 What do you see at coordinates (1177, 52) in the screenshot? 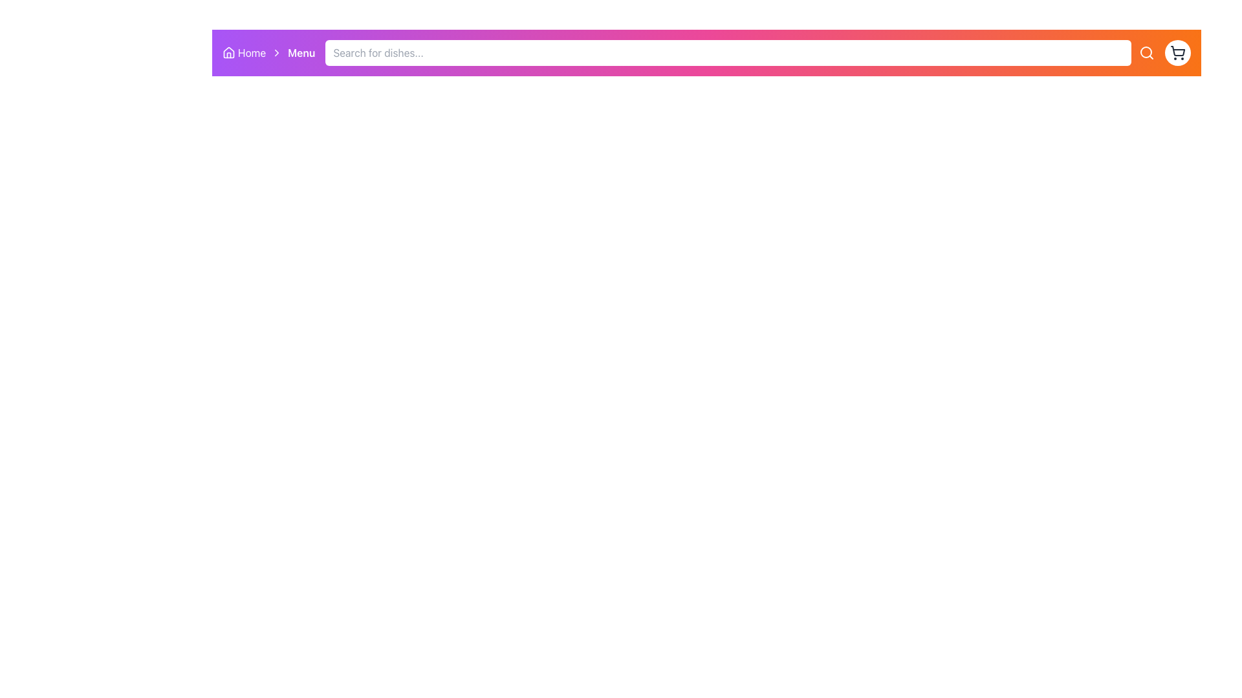
I see `the shopping cart button located at the far right of the header bar` at bounding box center [1177, 52].